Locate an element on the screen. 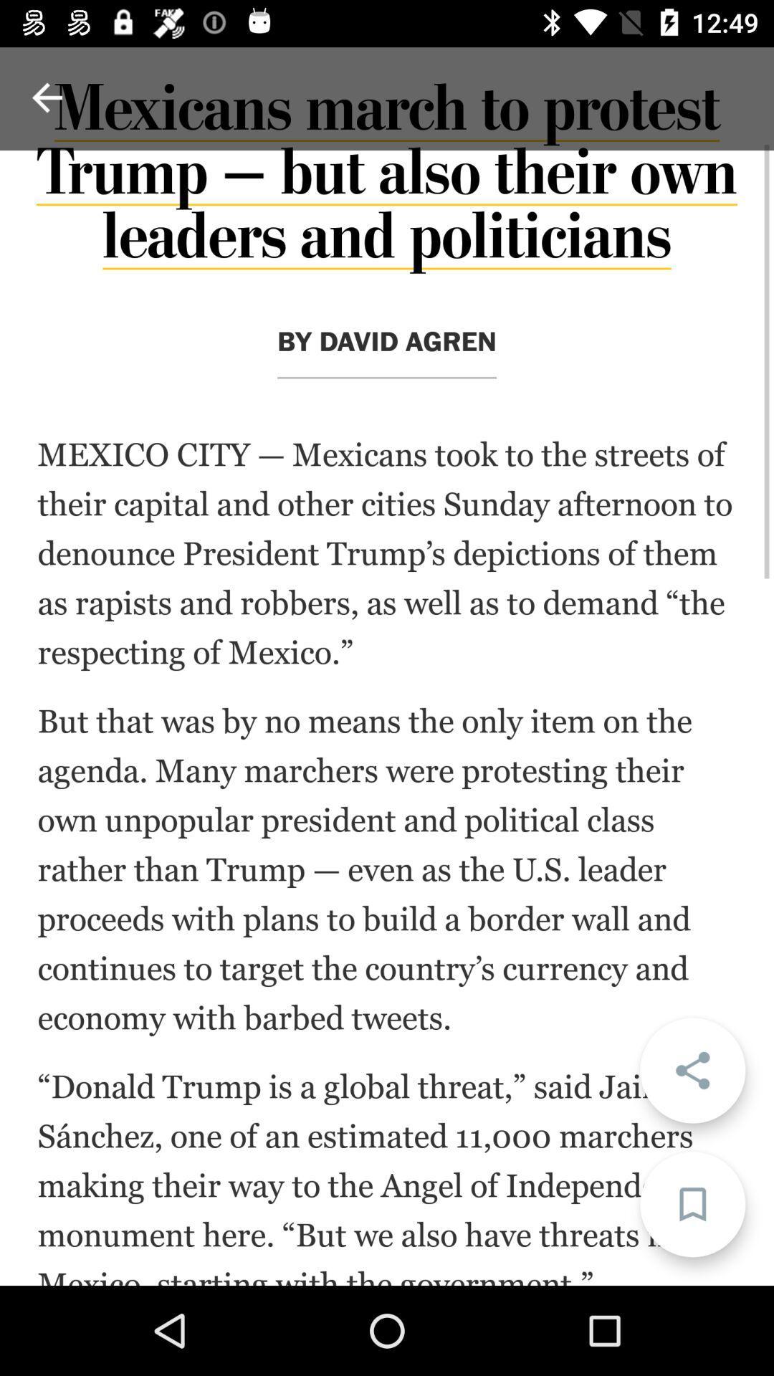  the bookmark icon is located at coordinates (692, 1204).